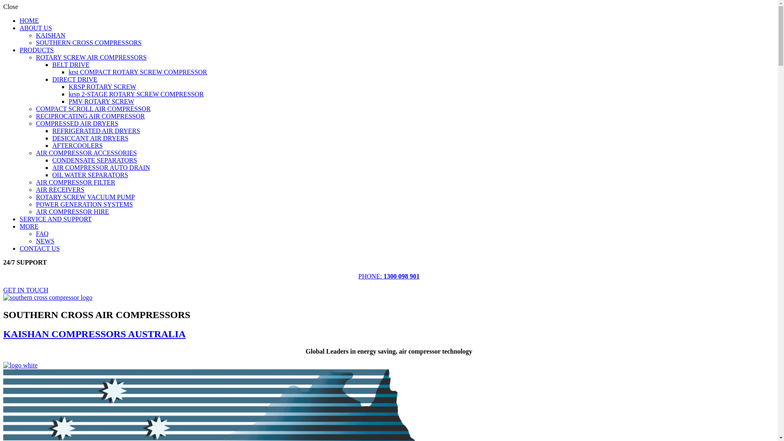  I want to click on 'BELT DRIVE', so click(71, 64).